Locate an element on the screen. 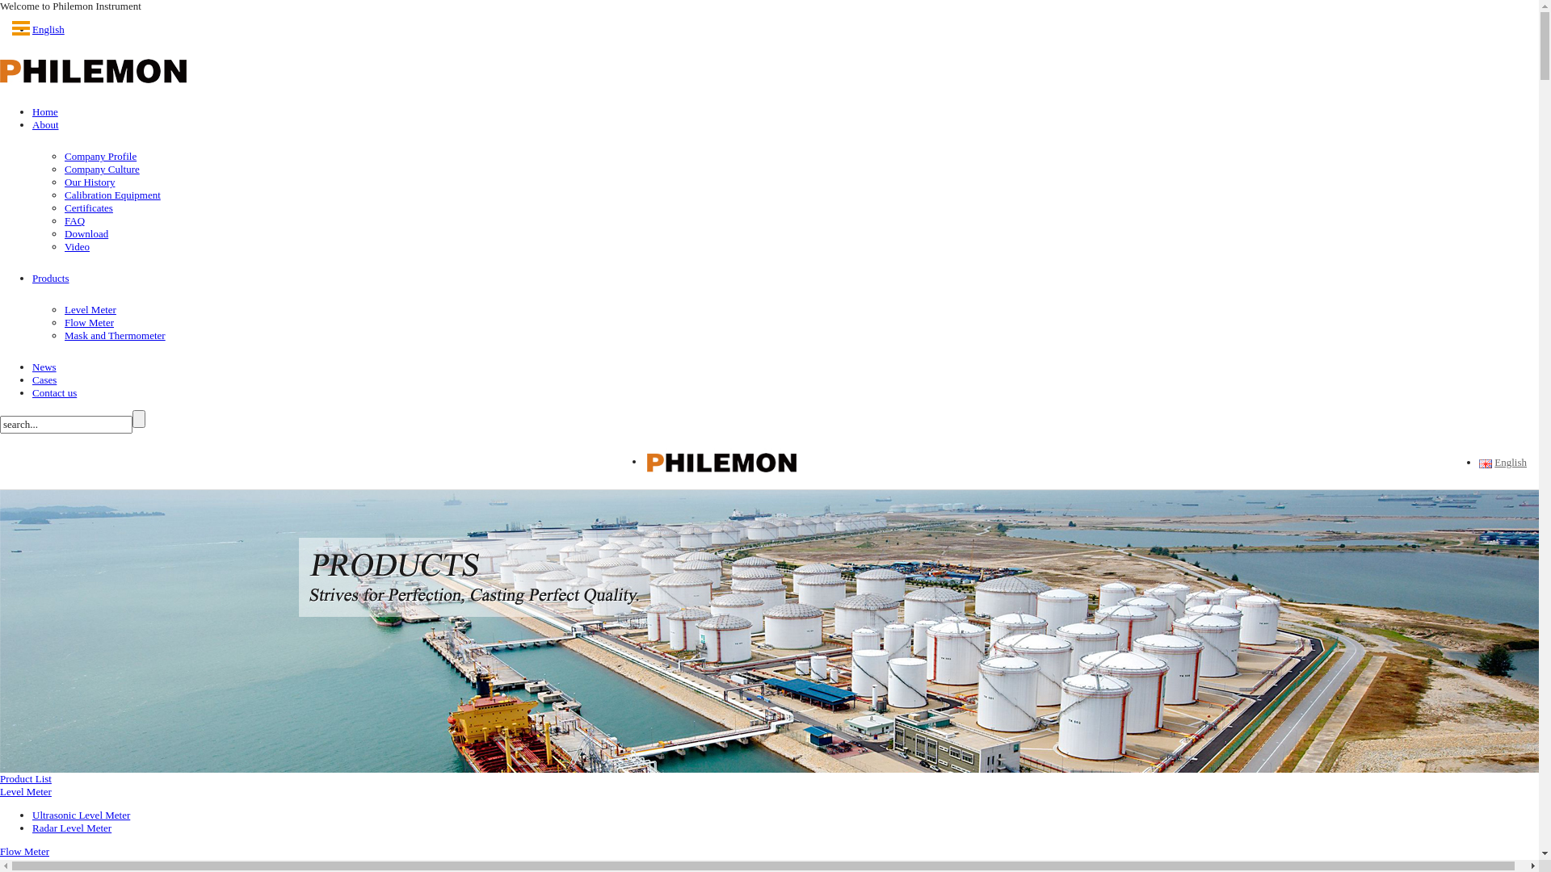 The height and width of the screenshot is (872, 1551). 'Our History' is located at coordinates (88, 182).